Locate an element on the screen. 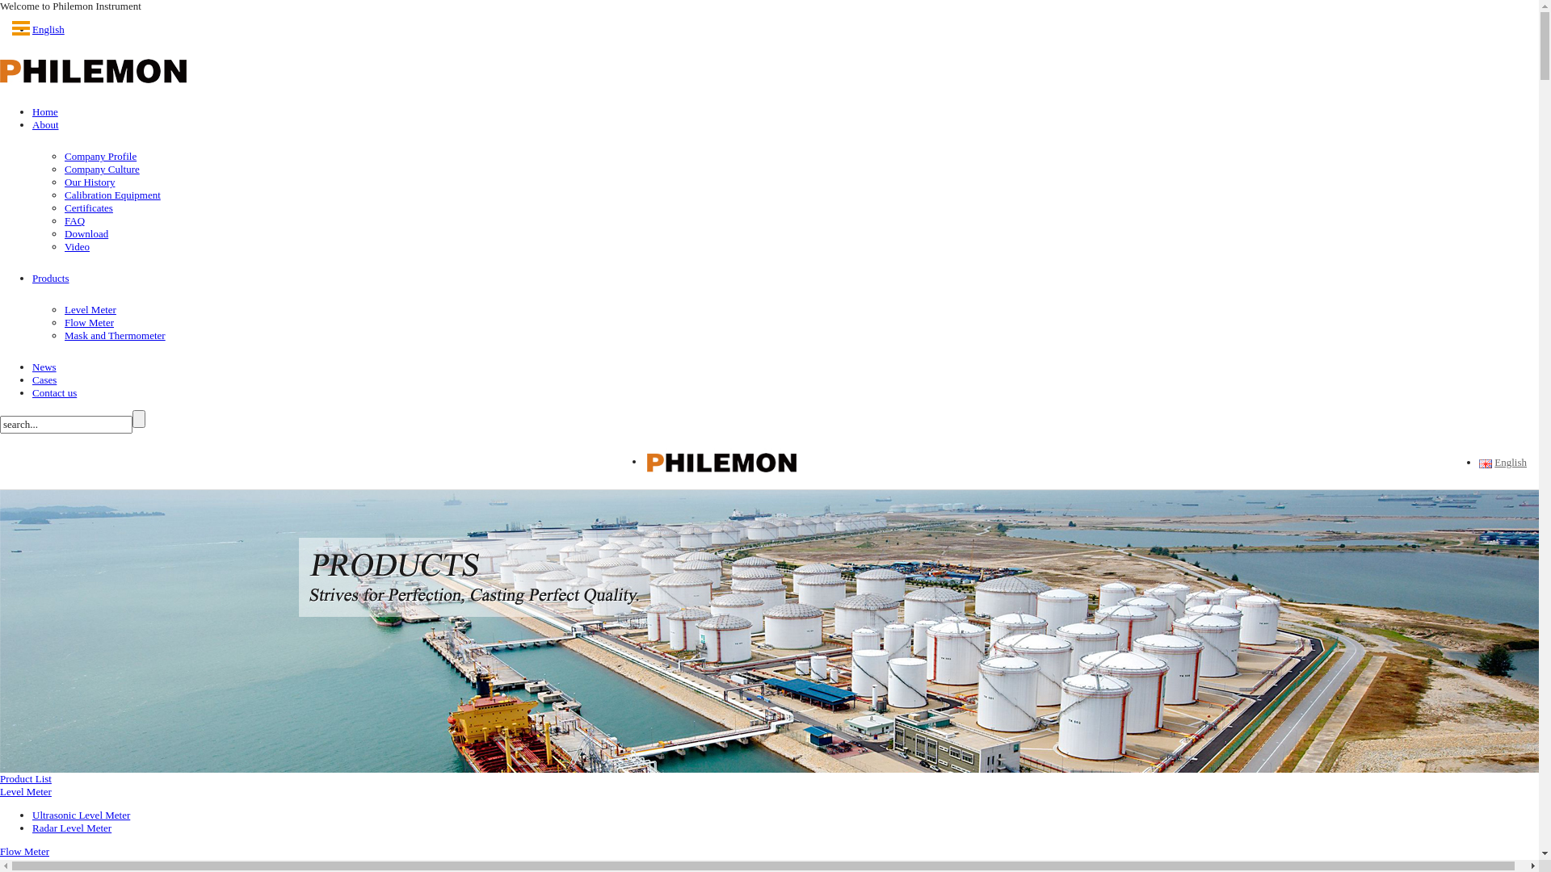 The height and width of the screenshot is (872, 1551). 'Our History' is located at coordinates (88, 182).